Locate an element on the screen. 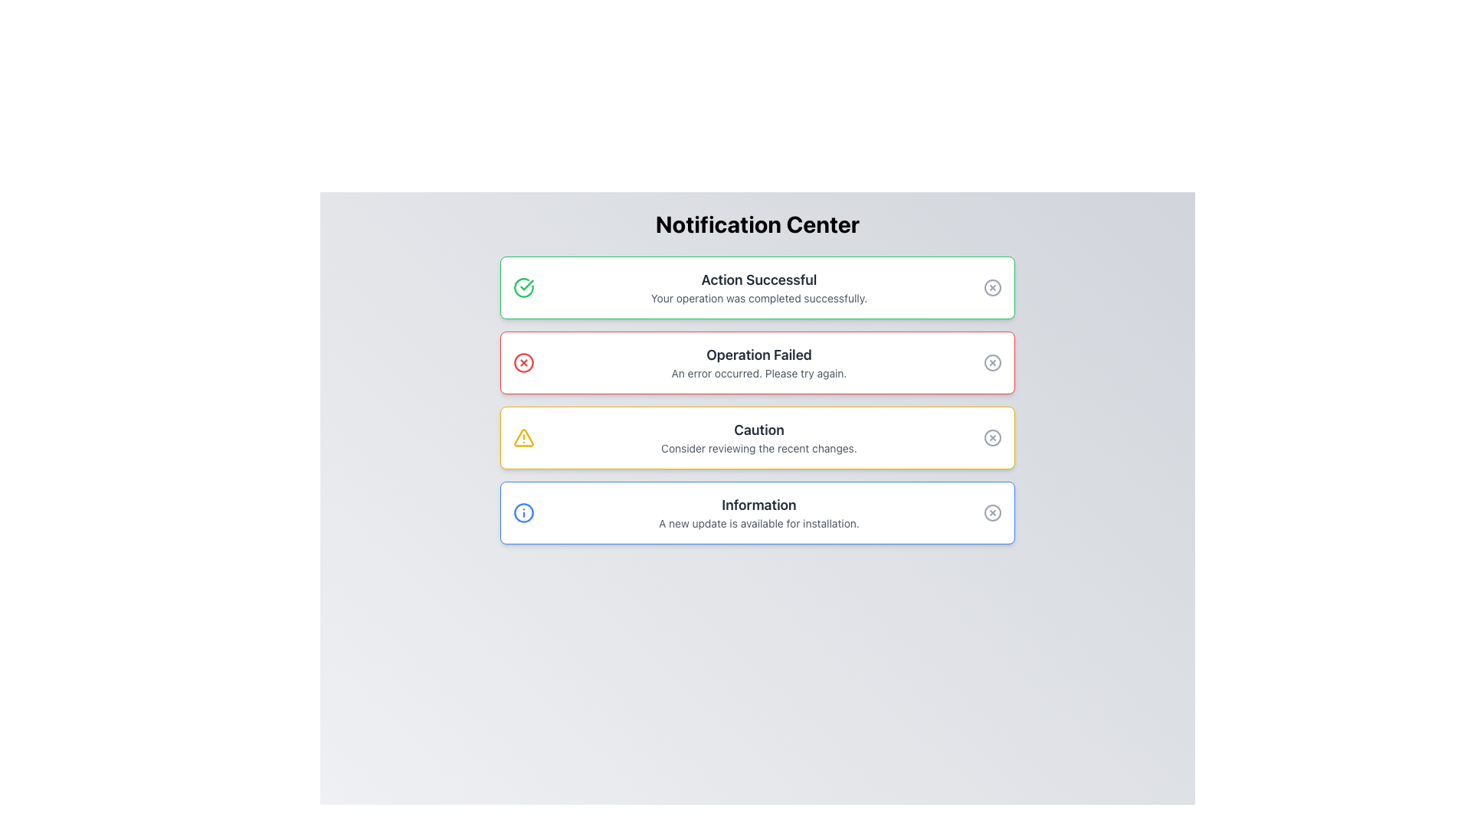  text content of the third notification panel in the Notification Center, which serves as a caution notification to inform the user to review recent changes is located at coordinates (758, 437).